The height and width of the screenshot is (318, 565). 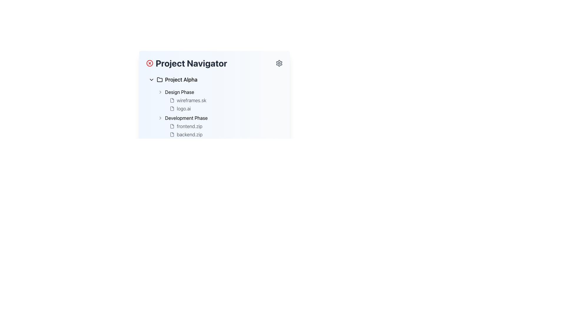 I want to click on the text of the first file entry within the 'Design Phase' section, specifically under the 'Project Alpha' group, for copying, so click(x=225, y=104).